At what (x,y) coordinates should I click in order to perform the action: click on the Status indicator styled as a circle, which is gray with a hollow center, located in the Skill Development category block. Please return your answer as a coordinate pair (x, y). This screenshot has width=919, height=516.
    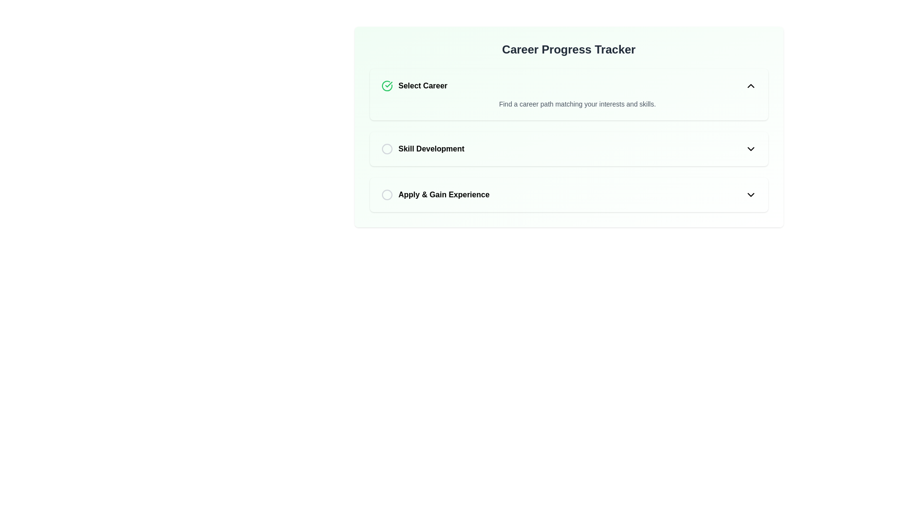
    Looking at the image, I should click on (387, 149).